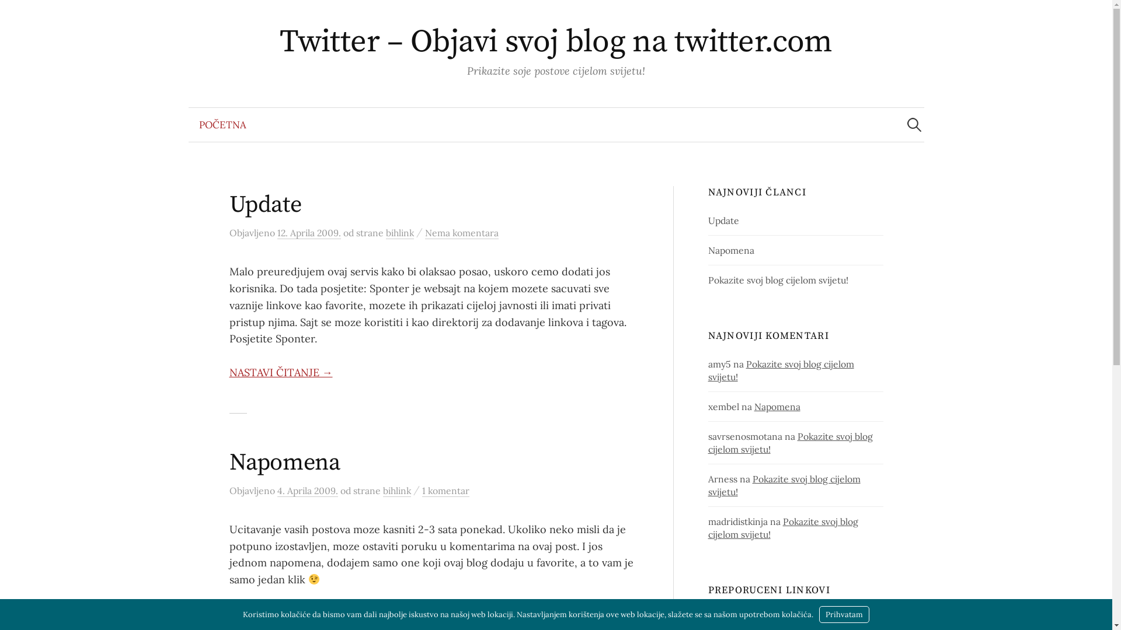 The height and width of the screenshot is (630, 1121). What do you see at coordinates (397, 491) in the screenshot?
I see `'bihlink'` at bounding box center [397, 491].